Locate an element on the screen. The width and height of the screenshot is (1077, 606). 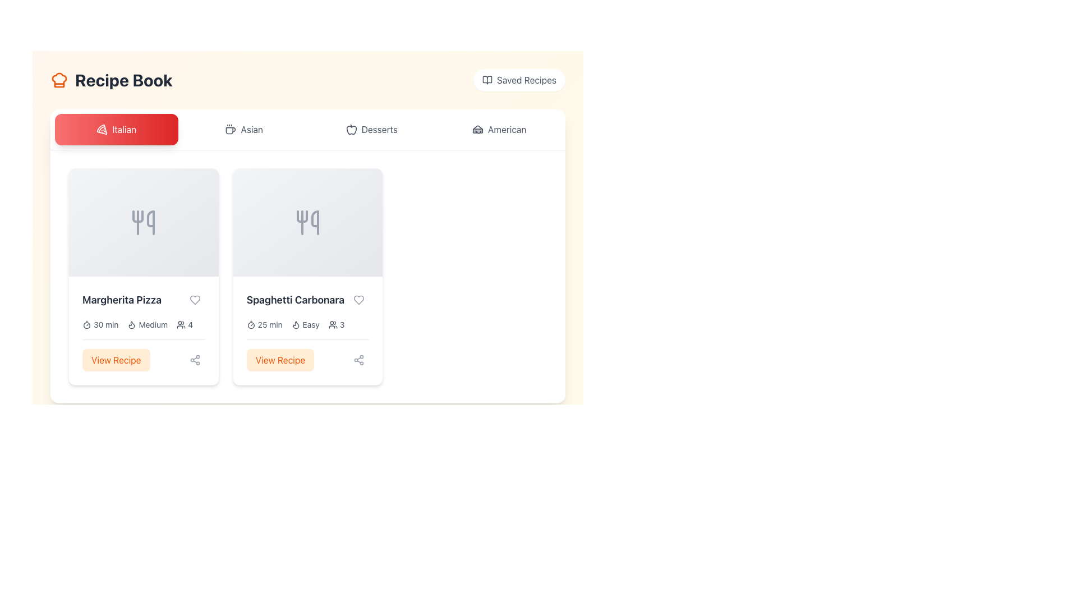
the heart-shaped interactive icon with a gray outline and hollow center located in the lower-right corner of the 'Spaghetti Carbonara' card is located at coordinates (359, 300).